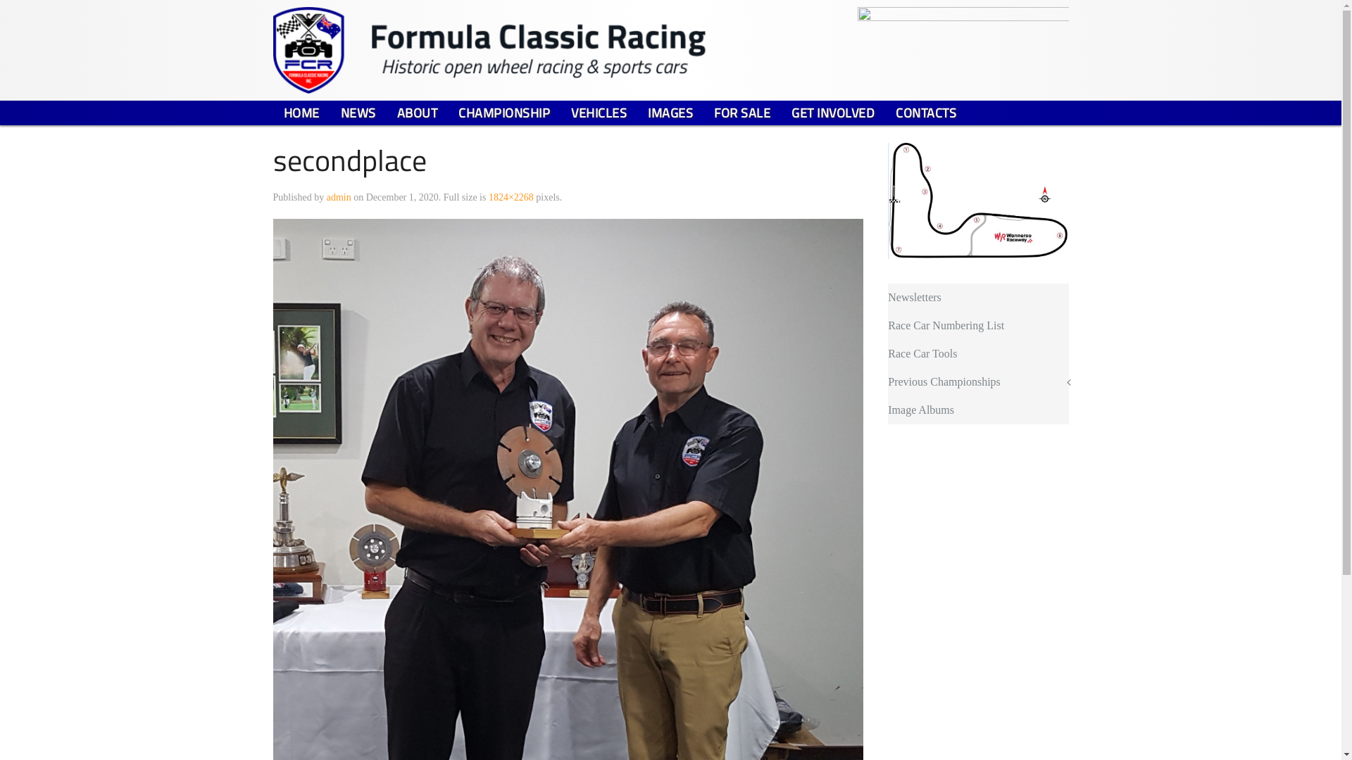  I want to click on 'CONTACTS', so click(884, 112).